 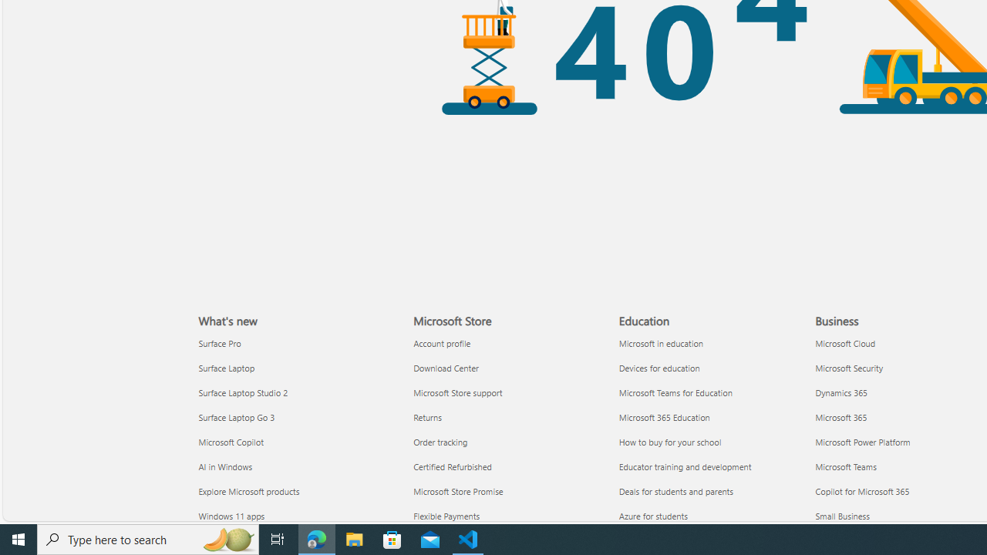 What do you see at coordinates (712, 491) in the screenshot?
I see `'Deals for students and parents'` at bounding box center [712, 491].